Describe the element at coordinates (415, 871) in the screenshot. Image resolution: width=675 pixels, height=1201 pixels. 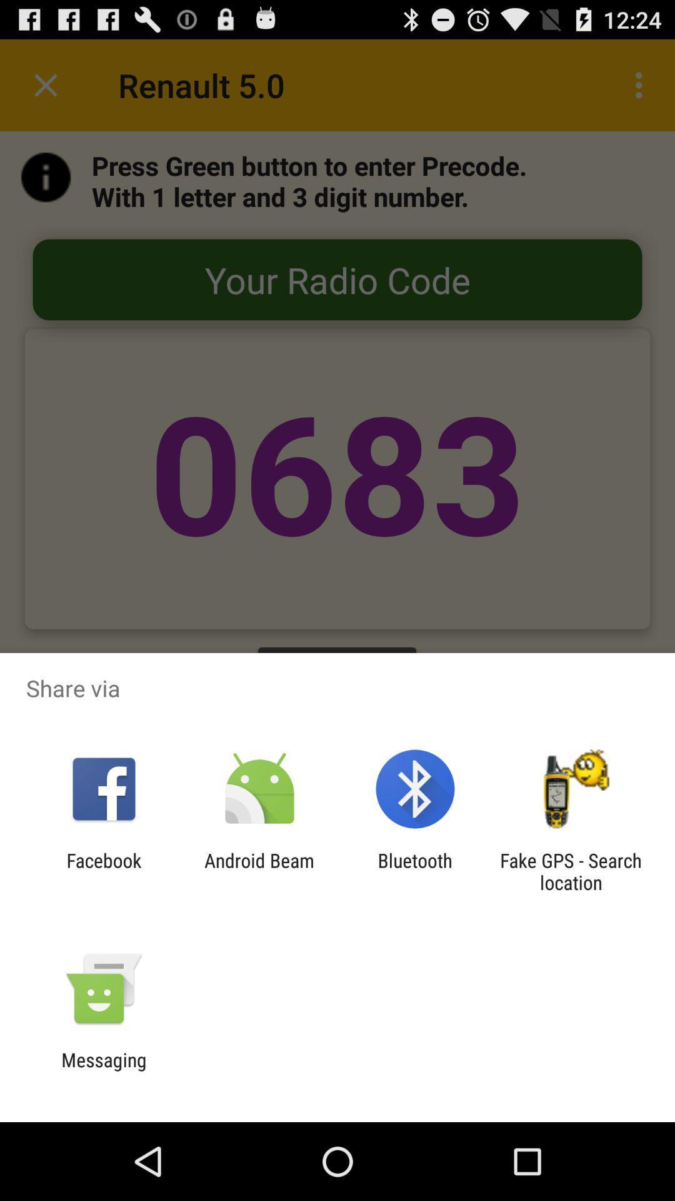
I see `the item next to the android beam` at that location.